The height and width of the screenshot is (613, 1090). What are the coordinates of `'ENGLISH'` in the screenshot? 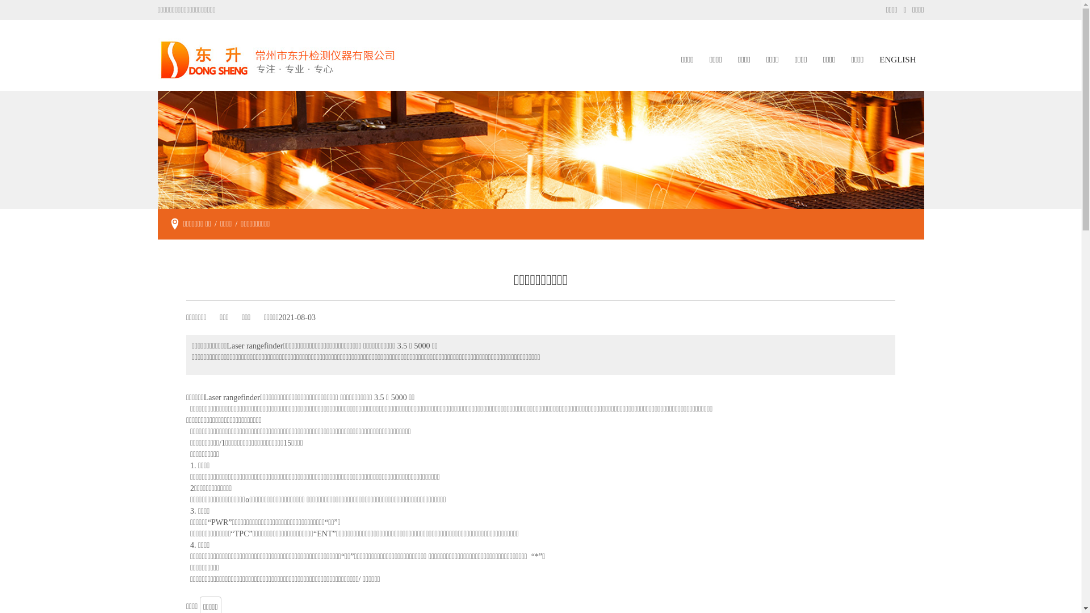 It's located at (896, 59).